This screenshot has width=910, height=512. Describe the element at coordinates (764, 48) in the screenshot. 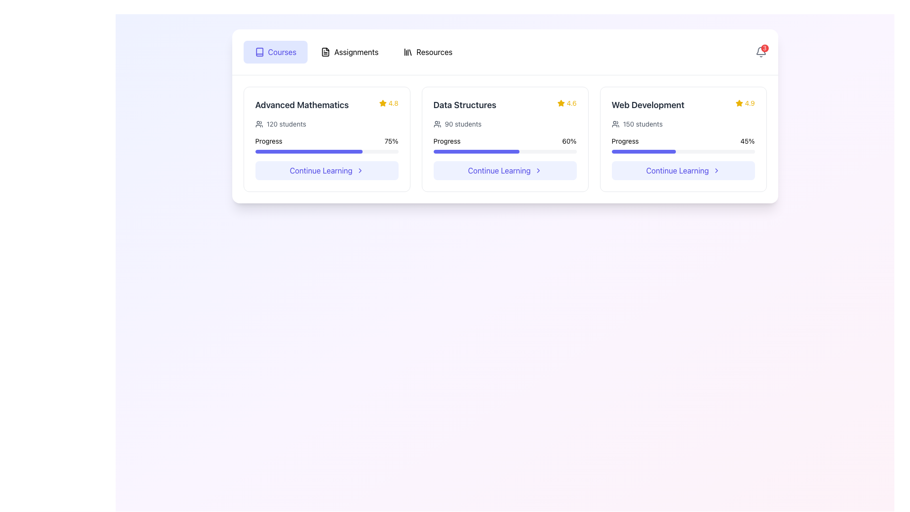

I see `the small red notification badge located at the top-right corner of the bell icon in the header section, which indicates pending actions or alerts` at that location.